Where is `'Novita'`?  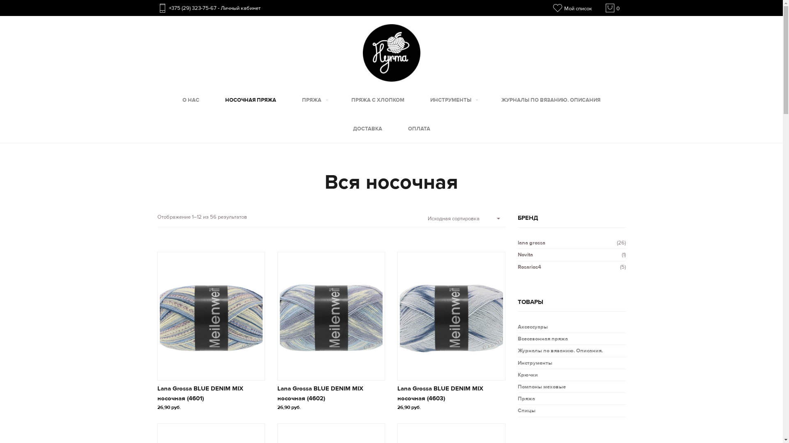 'Novita' is located at coordinates (525, 254).